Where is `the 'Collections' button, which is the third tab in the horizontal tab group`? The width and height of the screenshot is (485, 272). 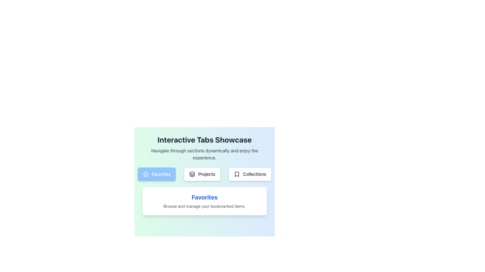 the 'Collections' button, which is the third tab in the horizontal tab group is located at coordinates (250, 174).